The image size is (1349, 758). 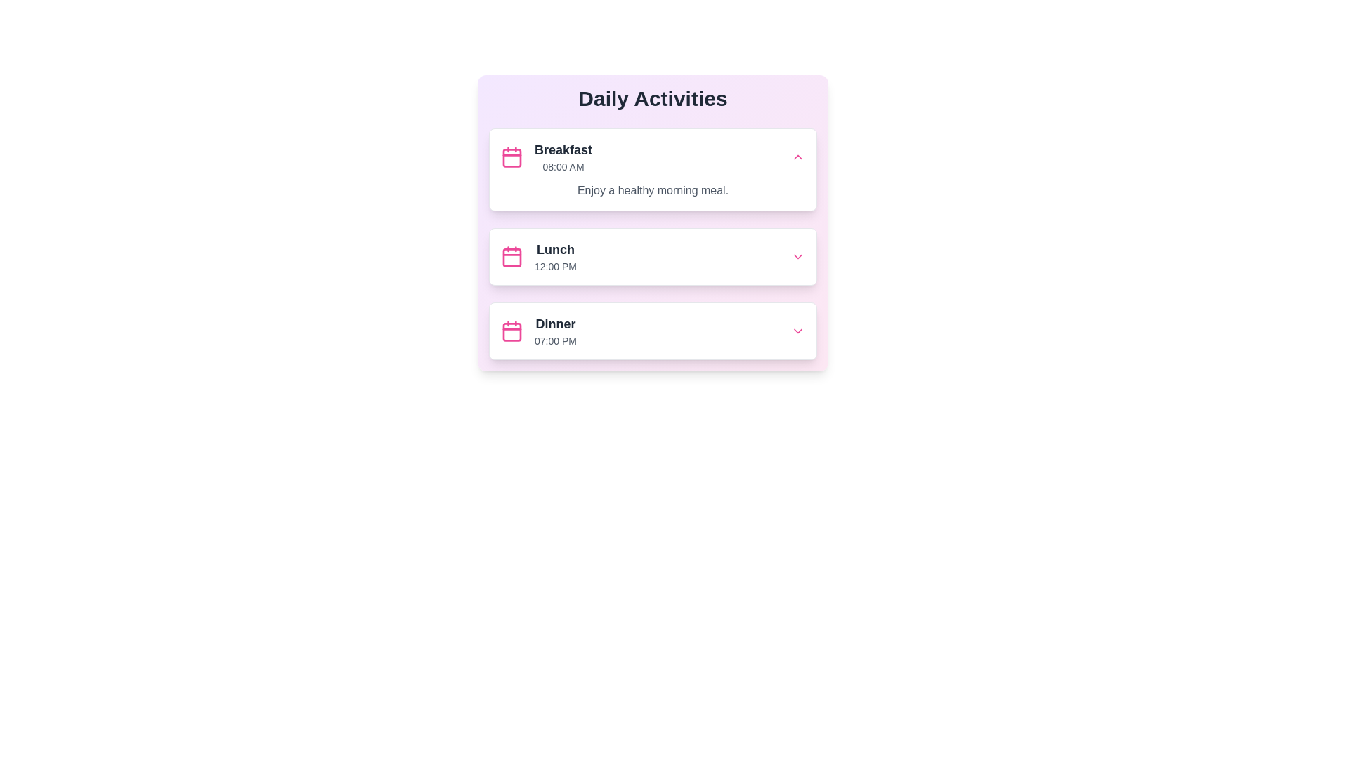 What do you see at coordinates (511, 331) in the screenshot?
I see `the calendar icon associated with the 'Dinner' activity in the third entry of the 'Daily Activities' list, which is positioned to the left of the text 'Dinner' and '07:00 PM'` at bounding box center [511, 331].